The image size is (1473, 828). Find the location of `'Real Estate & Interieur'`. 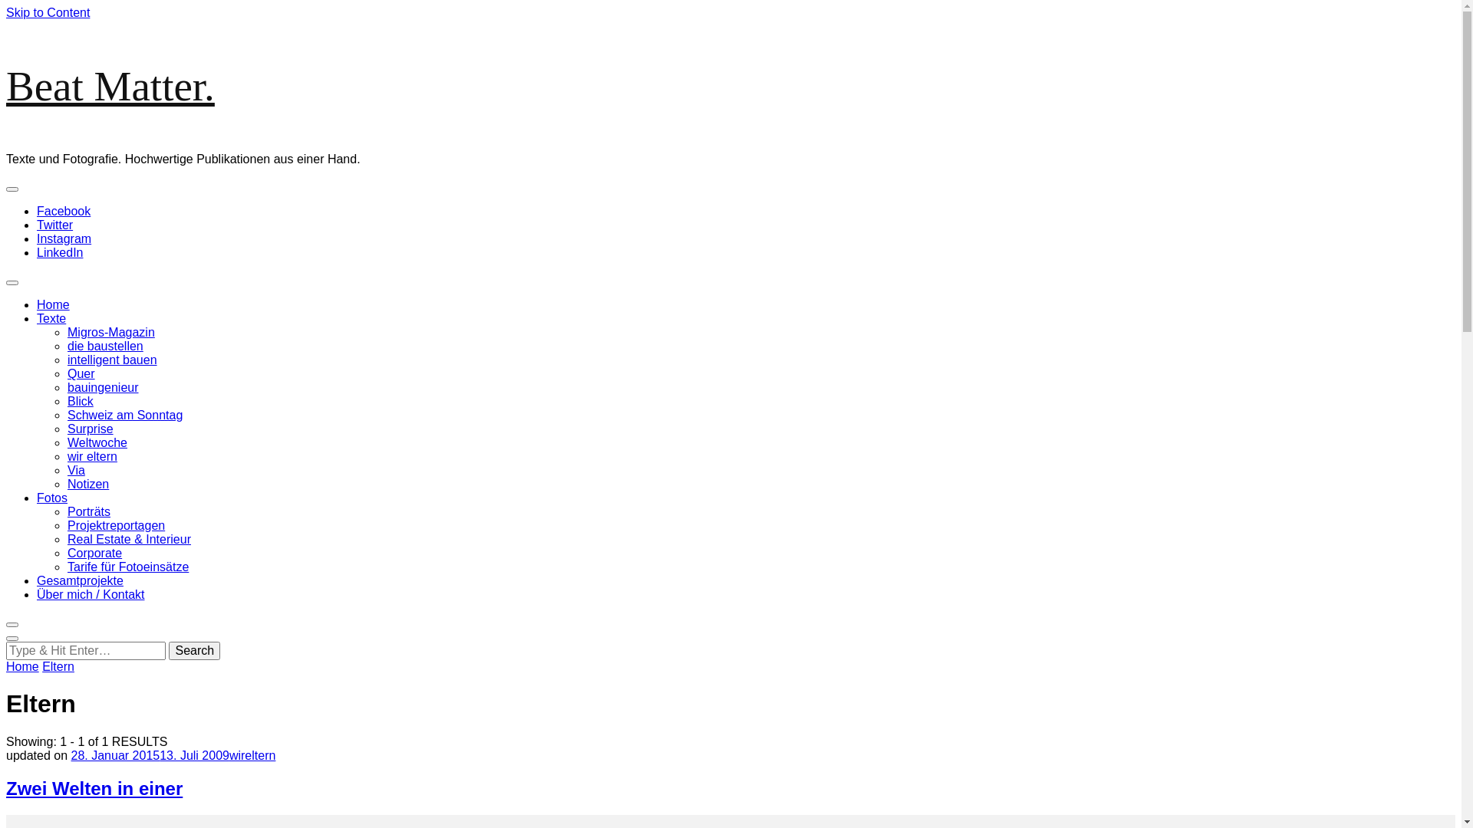

'Real Estate & Interieur' is located at coordinates (66, 538).